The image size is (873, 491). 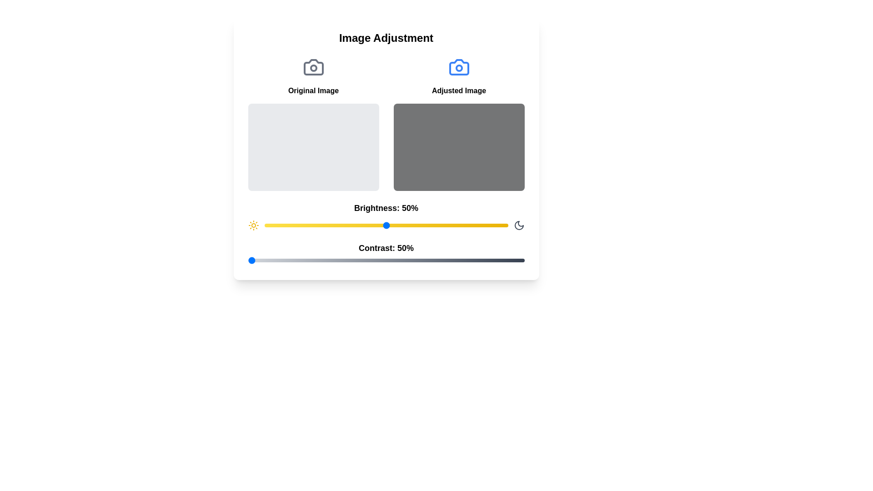 I want to click on main header text located at the top of the white card with rounded edges, which serves as the title and provides context about the displayed content, so click(x=386, y=38).